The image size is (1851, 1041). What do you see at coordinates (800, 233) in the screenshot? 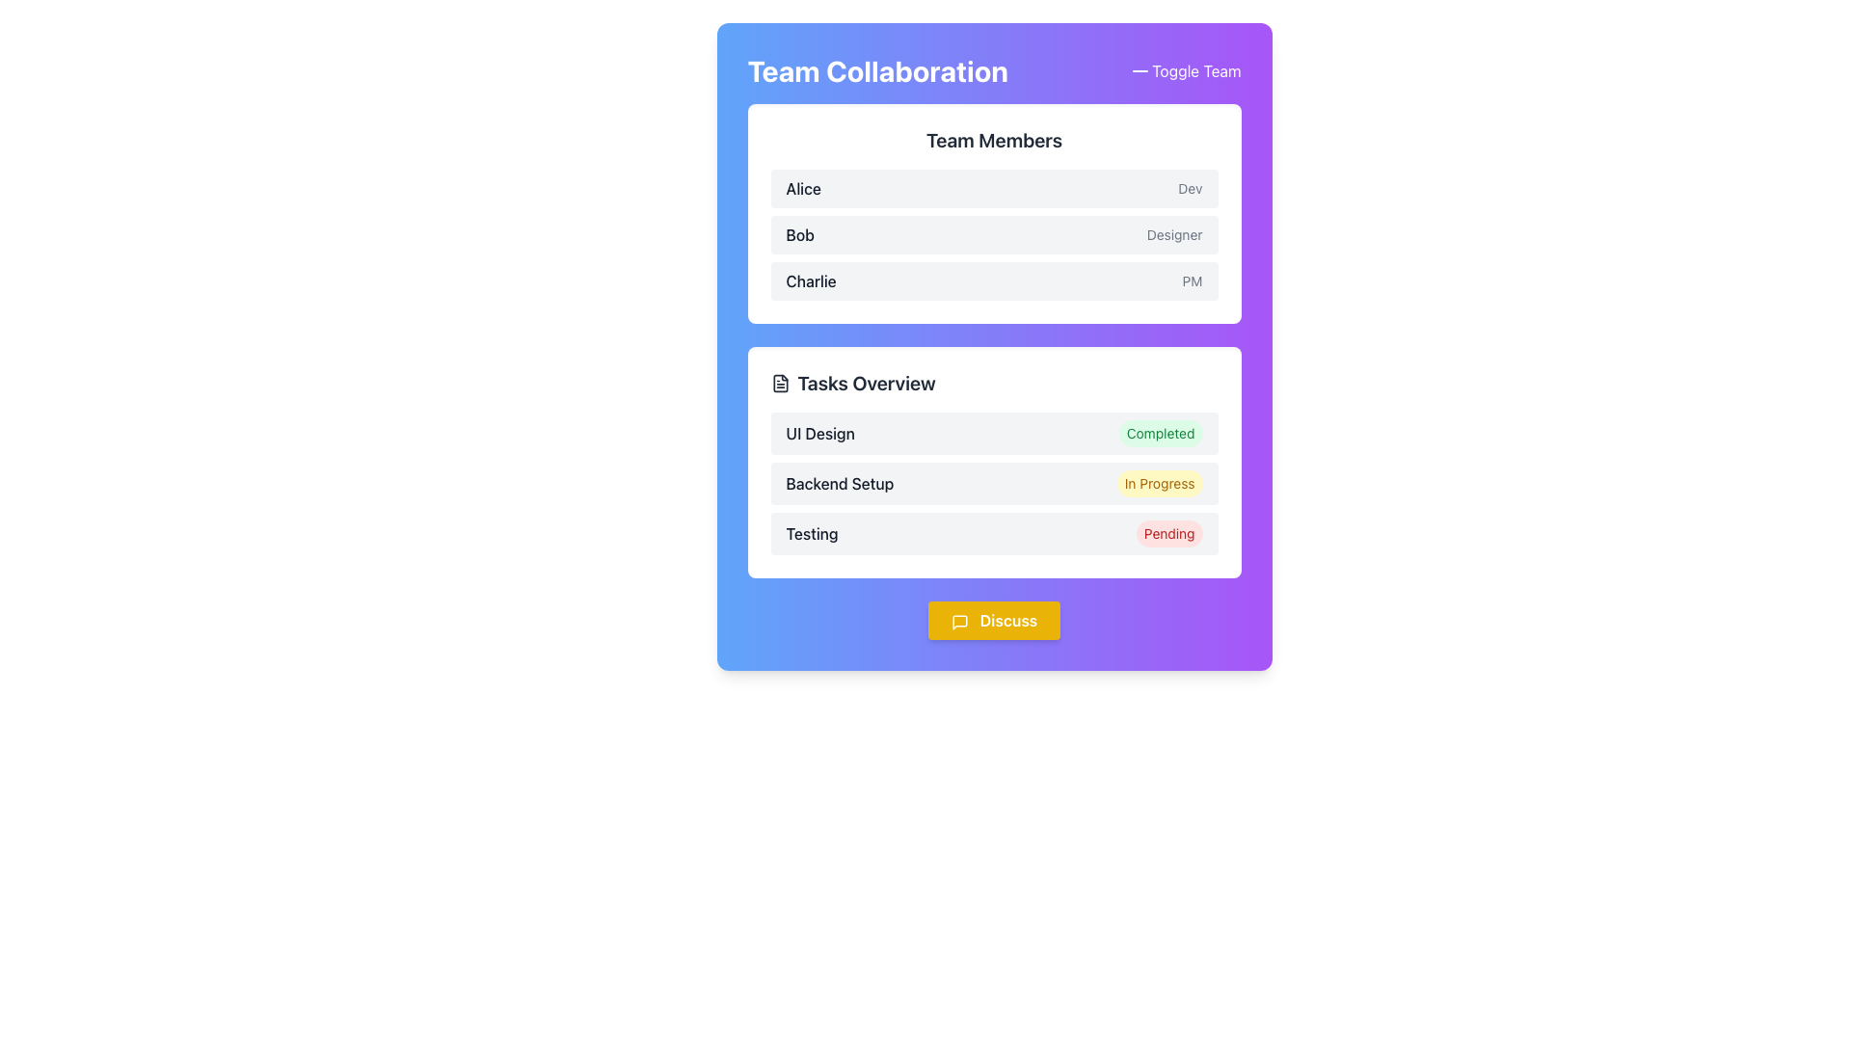
I see `the text label representing the team member named 'Bob'` at bounding box center [800, 233].